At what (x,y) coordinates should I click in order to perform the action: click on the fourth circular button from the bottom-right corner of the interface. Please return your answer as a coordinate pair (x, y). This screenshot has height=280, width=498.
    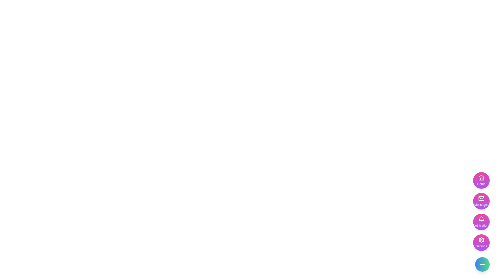
    Looking at the image, I should click on (481, 243).